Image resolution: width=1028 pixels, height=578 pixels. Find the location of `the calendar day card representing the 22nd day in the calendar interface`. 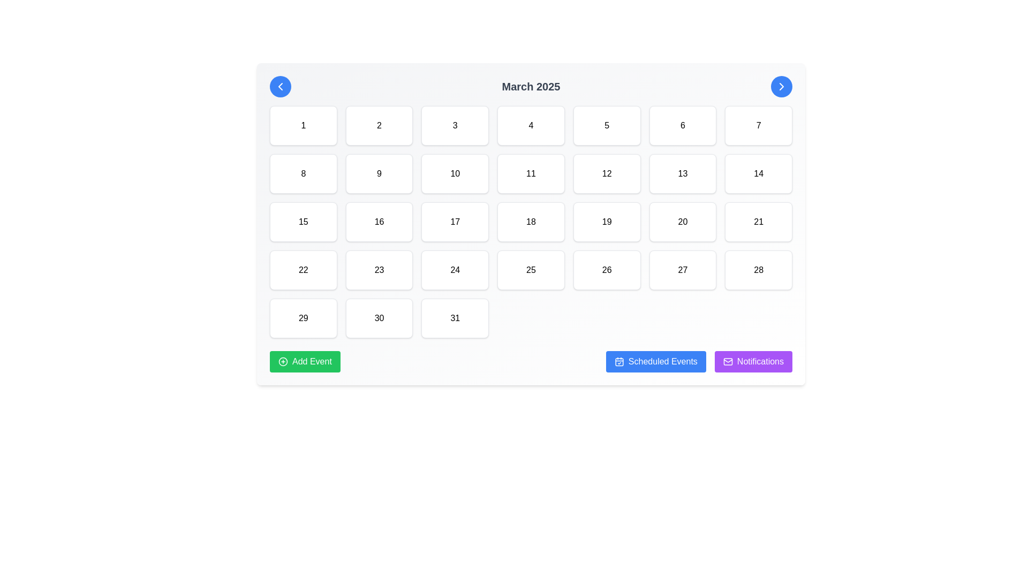

the calendar day card representing the 22nd day in the calendar interface is located at coordinates (303, 270).